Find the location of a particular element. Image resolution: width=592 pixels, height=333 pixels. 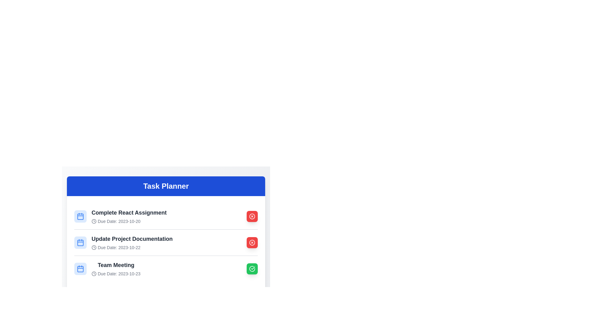

text 'Complete React Assignment' from the prominent heading at the top-left of the Task Planner panel is located at coordinates (129, 212).